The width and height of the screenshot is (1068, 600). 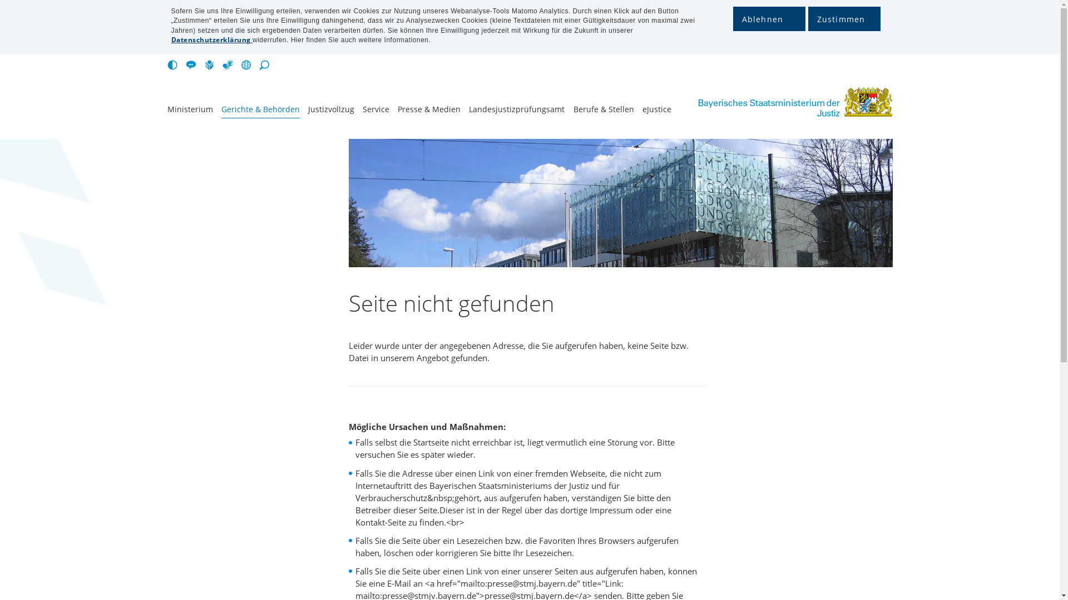 I want to click on 'Ministerium', so click(x=189, y=111).